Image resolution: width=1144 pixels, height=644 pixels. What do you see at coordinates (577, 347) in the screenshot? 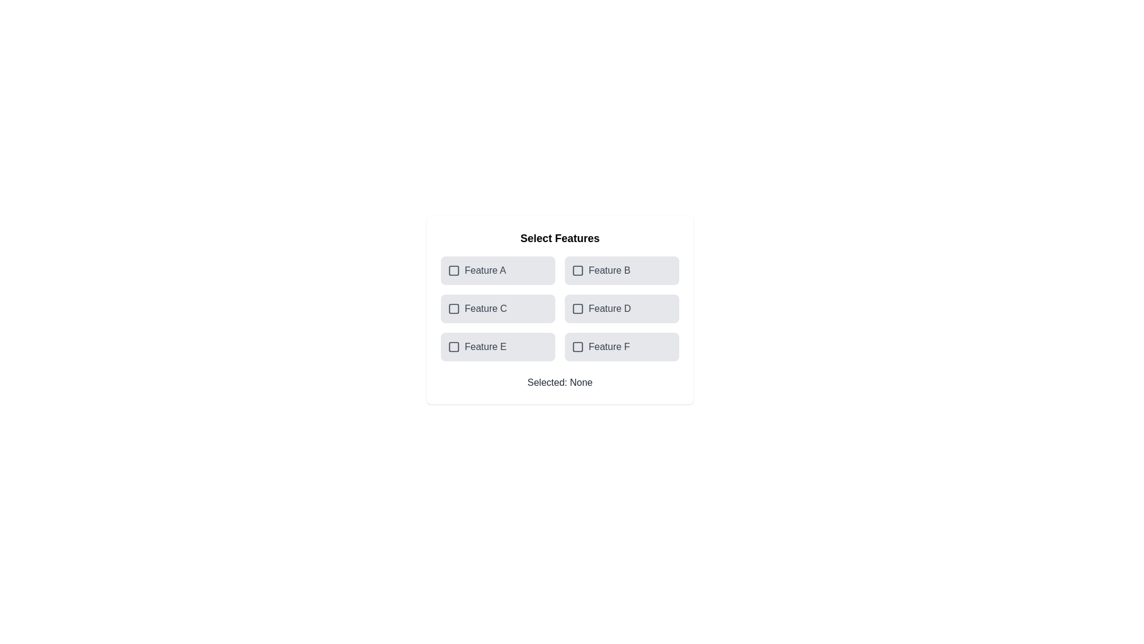
I see `the checkbox located at the left end of the 'Feature F' row` at bounding box center [577, 347].